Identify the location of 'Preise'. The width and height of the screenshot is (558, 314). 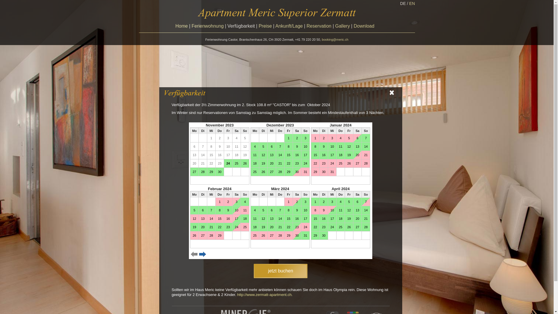
(258, 26).